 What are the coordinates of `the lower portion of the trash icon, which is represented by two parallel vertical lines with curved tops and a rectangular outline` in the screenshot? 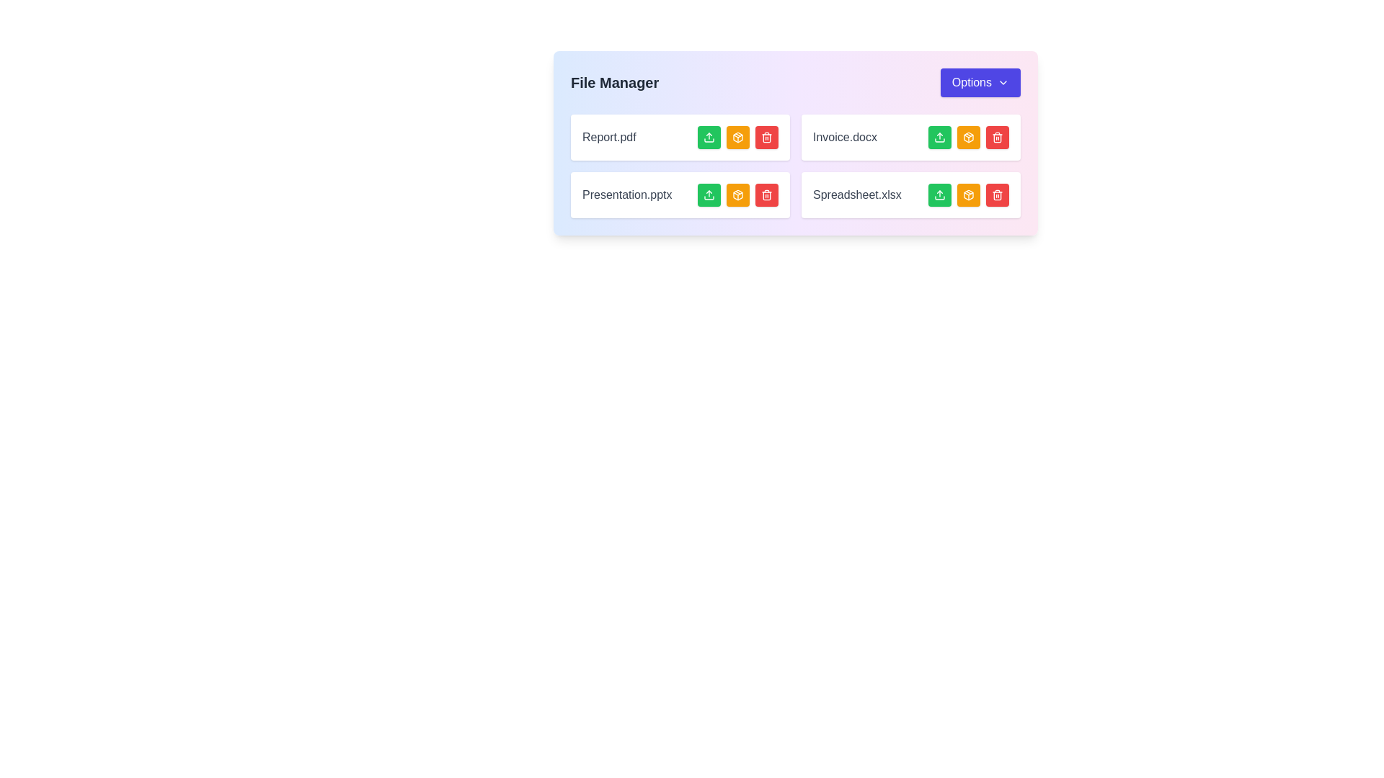 It's located at (996, 138).